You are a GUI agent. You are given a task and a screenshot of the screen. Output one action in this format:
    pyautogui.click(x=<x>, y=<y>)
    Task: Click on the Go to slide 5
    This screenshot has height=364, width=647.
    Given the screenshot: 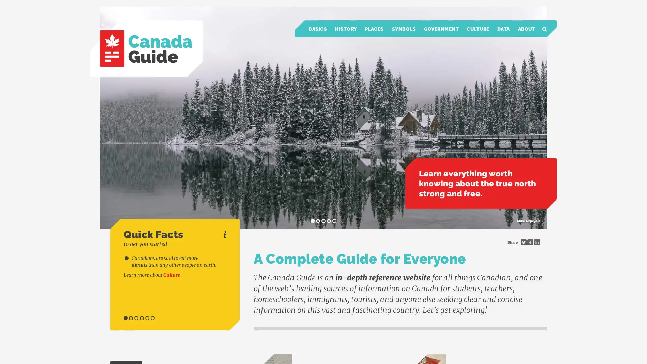 What is the action you would take?
    pyautogui.click(x=334, y=221)
    